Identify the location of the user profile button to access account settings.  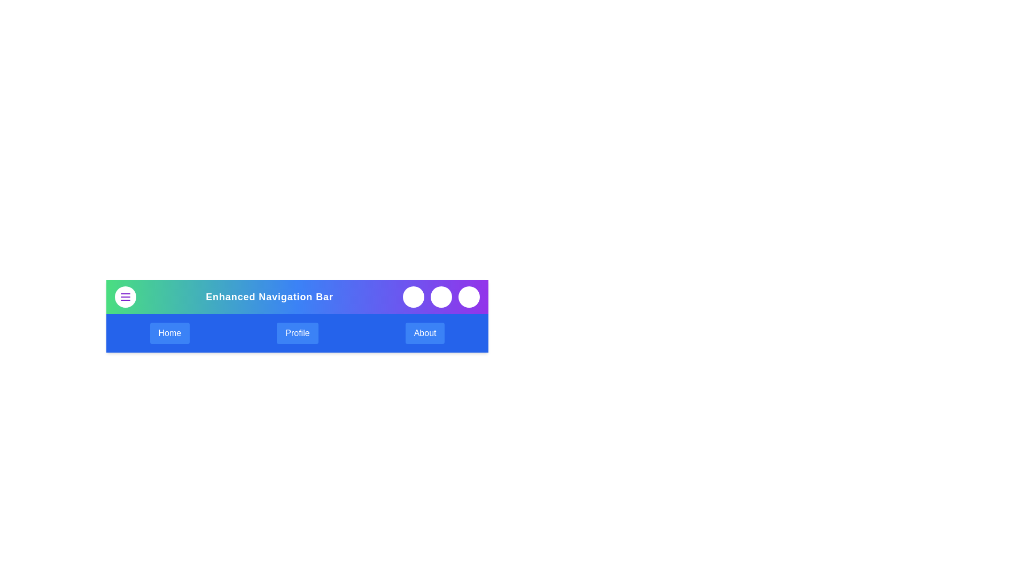
(469, 297).